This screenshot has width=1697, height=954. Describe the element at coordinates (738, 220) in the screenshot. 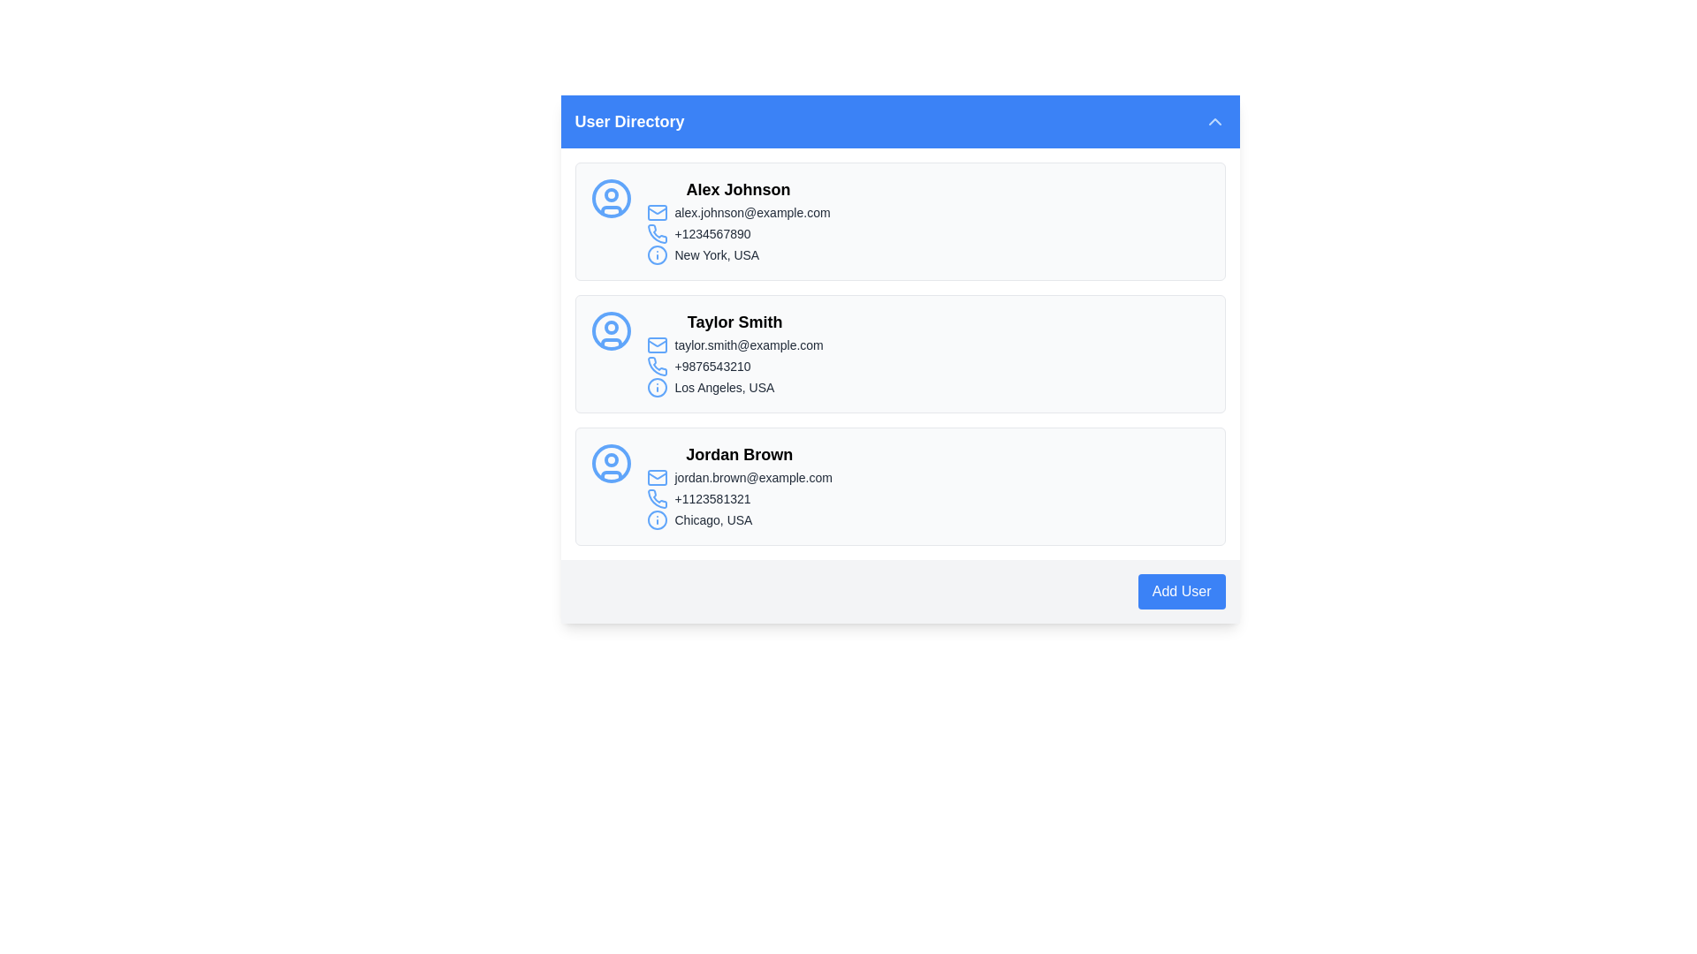

I see `contact details from the first contact information block in the user directory, which includes the name, email address, phone number, and location` at that location.